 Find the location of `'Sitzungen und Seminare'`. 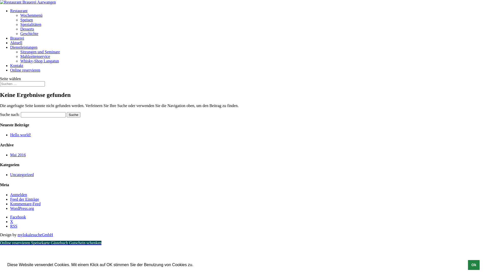

'Sitzungen und Seminare' is located at coordinates (20, 52).